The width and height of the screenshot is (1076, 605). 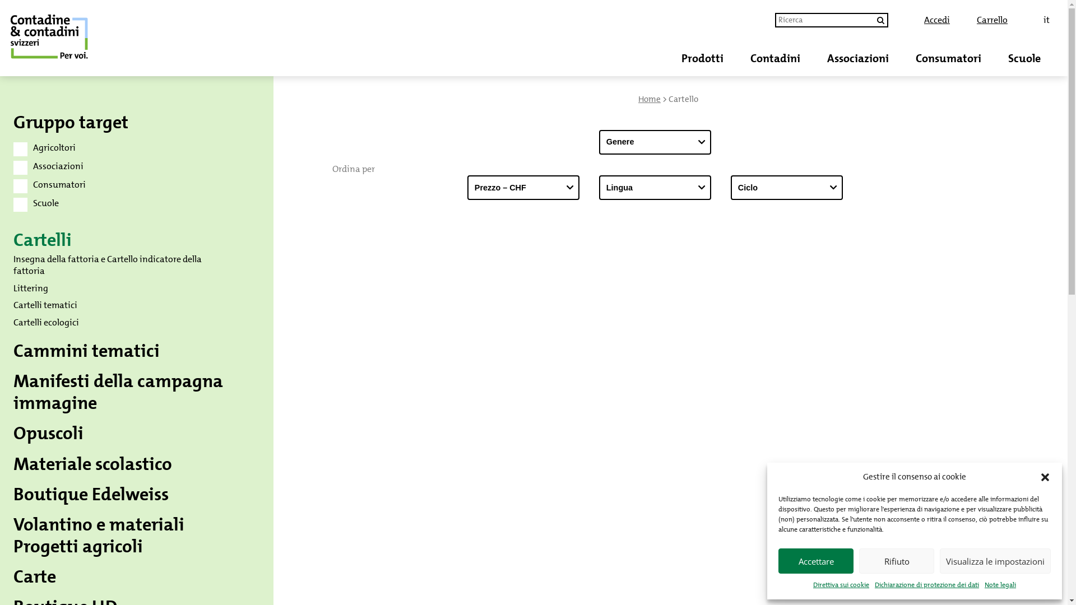 I want to click on 'Rifiuto', so click(x=858, y=561).